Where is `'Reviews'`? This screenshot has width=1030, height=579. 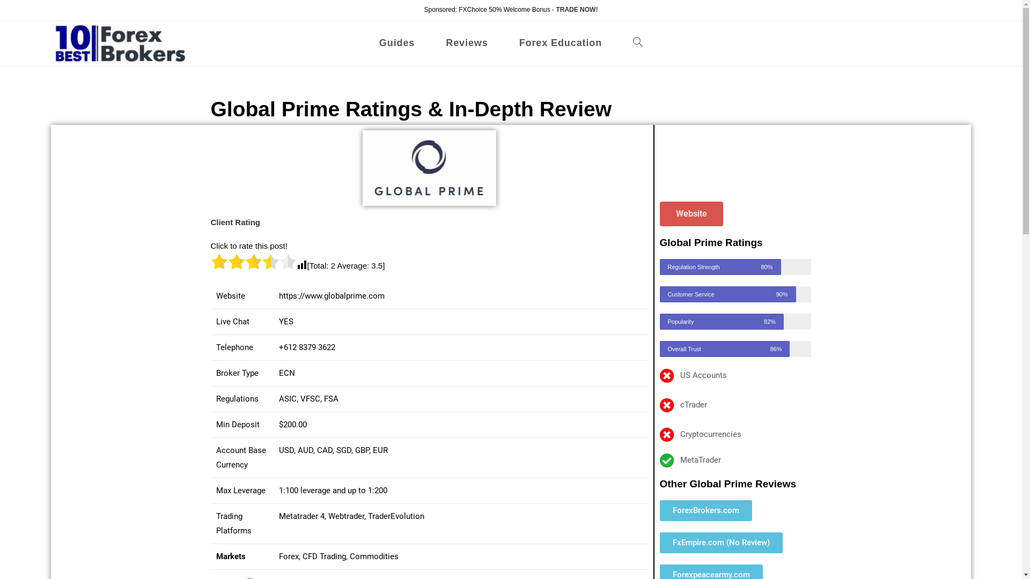 'Reviews' is located at coordinates (466, 42).